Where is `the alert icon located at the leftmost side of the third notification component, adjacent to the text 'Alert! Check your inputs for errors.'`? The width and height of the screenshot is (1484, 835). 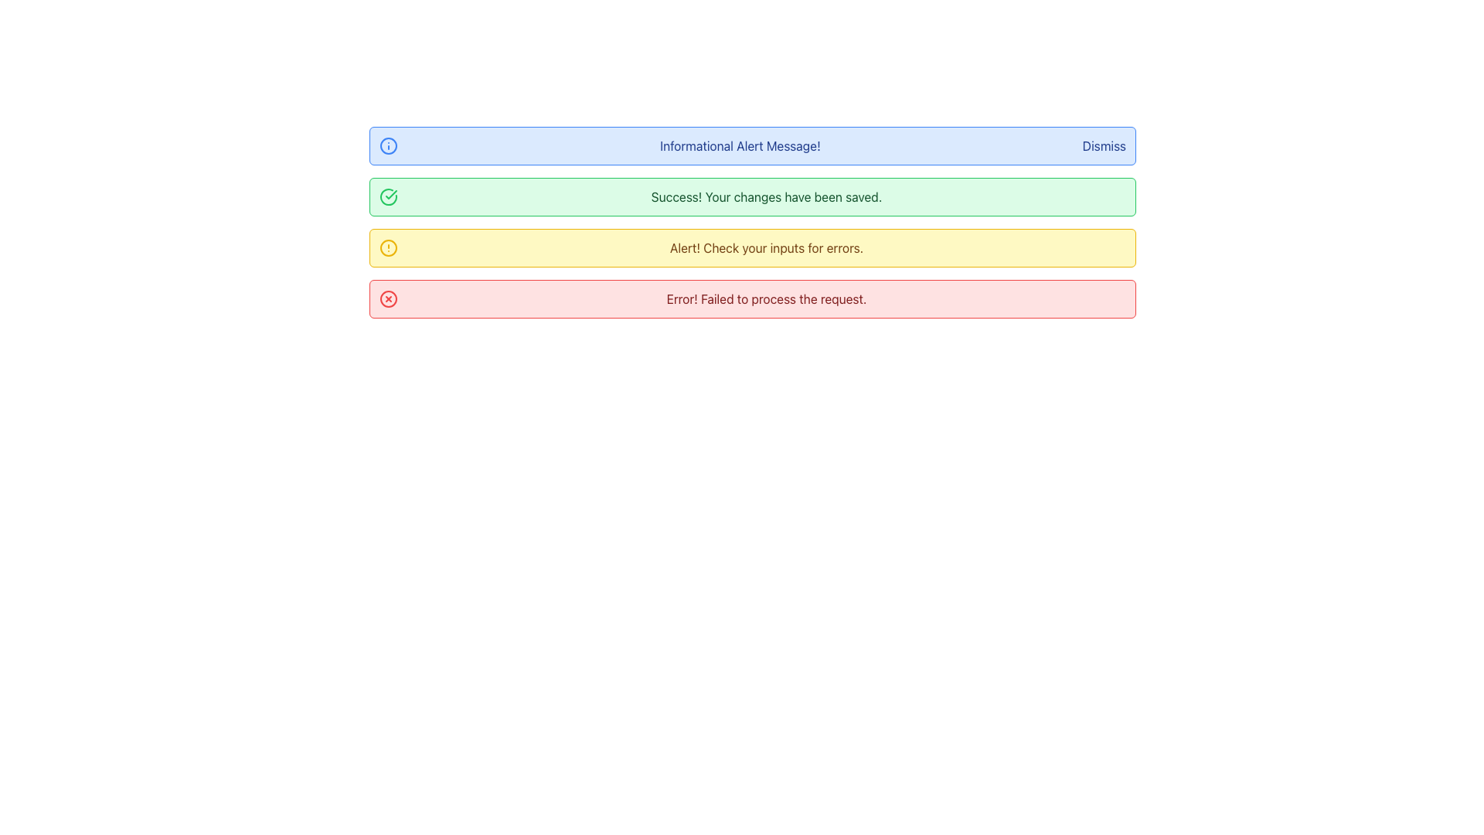 the alert icon located at the leftmost side of the third notification component, adjacent to the text 'Alert! Check your inputs for errors.' is located at coordinates (389, 247).